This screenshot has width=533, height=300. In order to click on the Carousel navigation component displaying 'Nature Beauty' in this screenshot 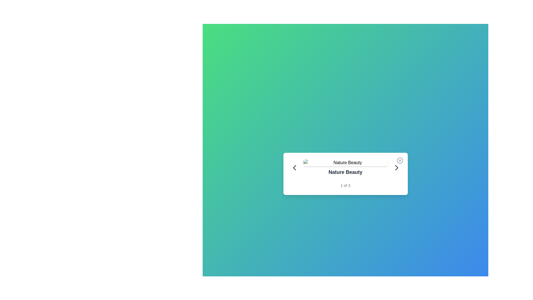, I will do `click(345, 167)`.